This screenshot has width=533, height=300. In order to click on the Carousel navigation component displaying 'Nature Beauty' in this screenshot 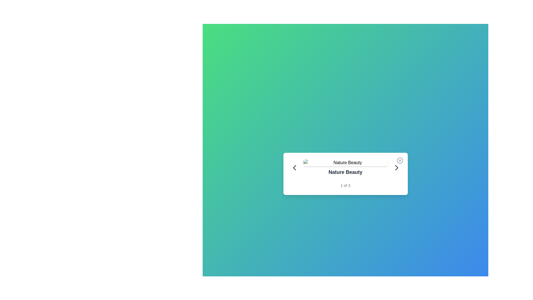, I will do `click(345, 167)`.